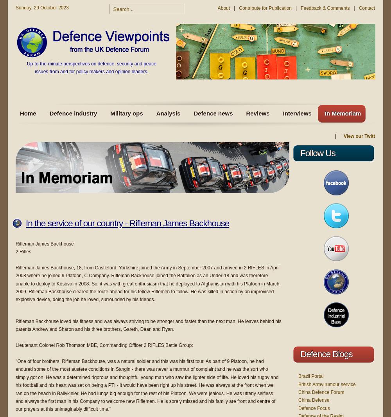  I want to click on 'Sunday, 29 October 2023', so click(16, 7).